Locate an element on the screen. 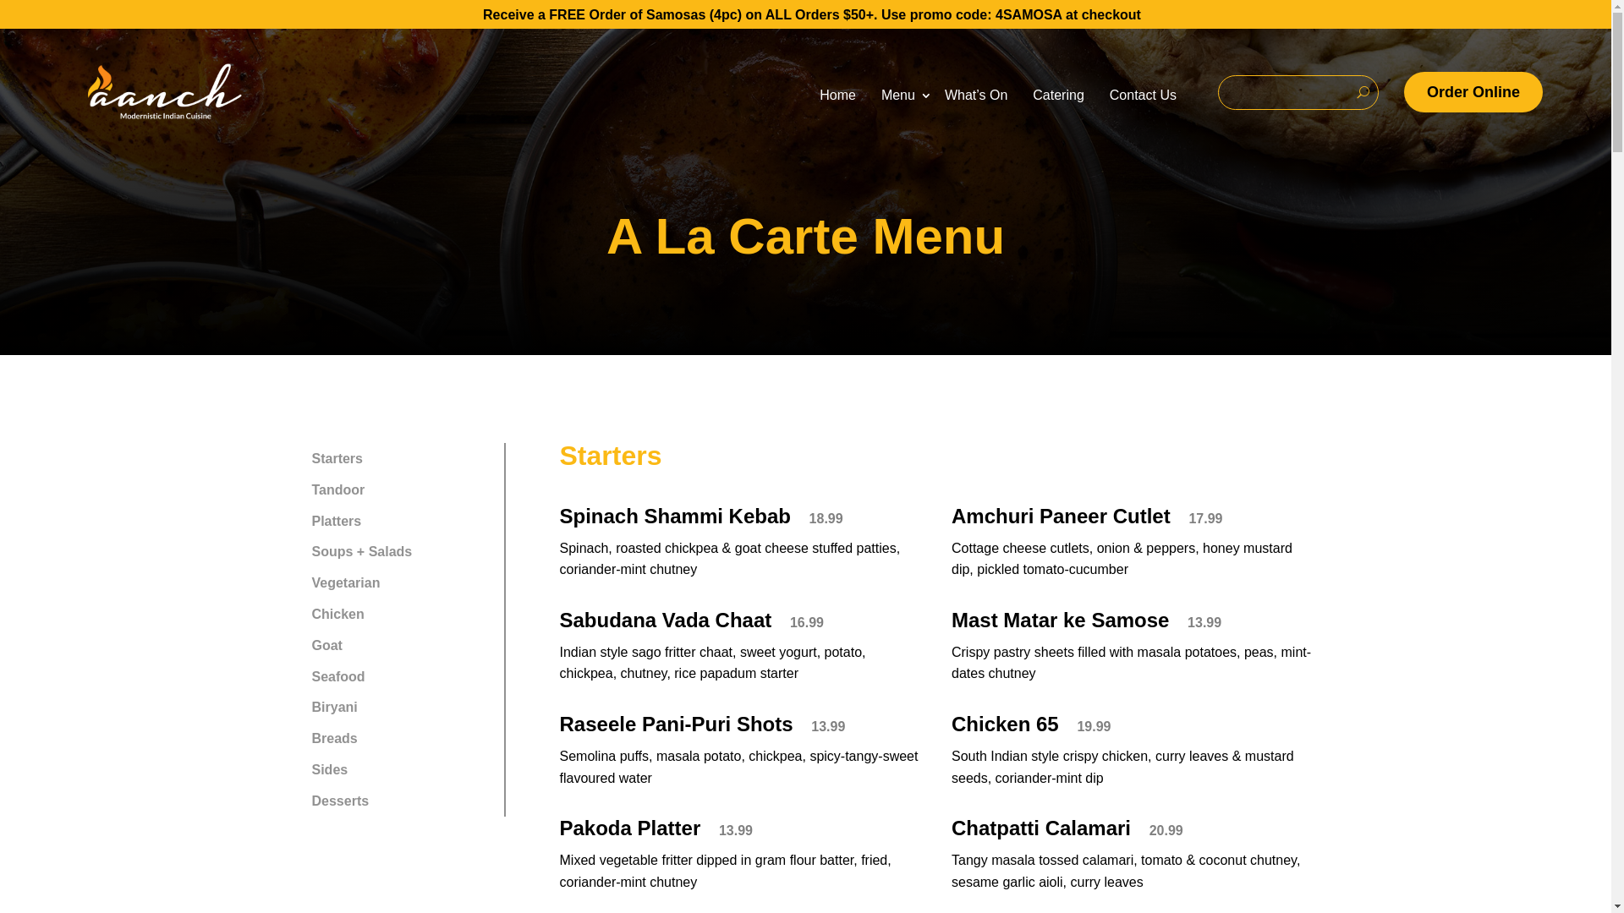  'Breads' is located at coordinates (401, 737).